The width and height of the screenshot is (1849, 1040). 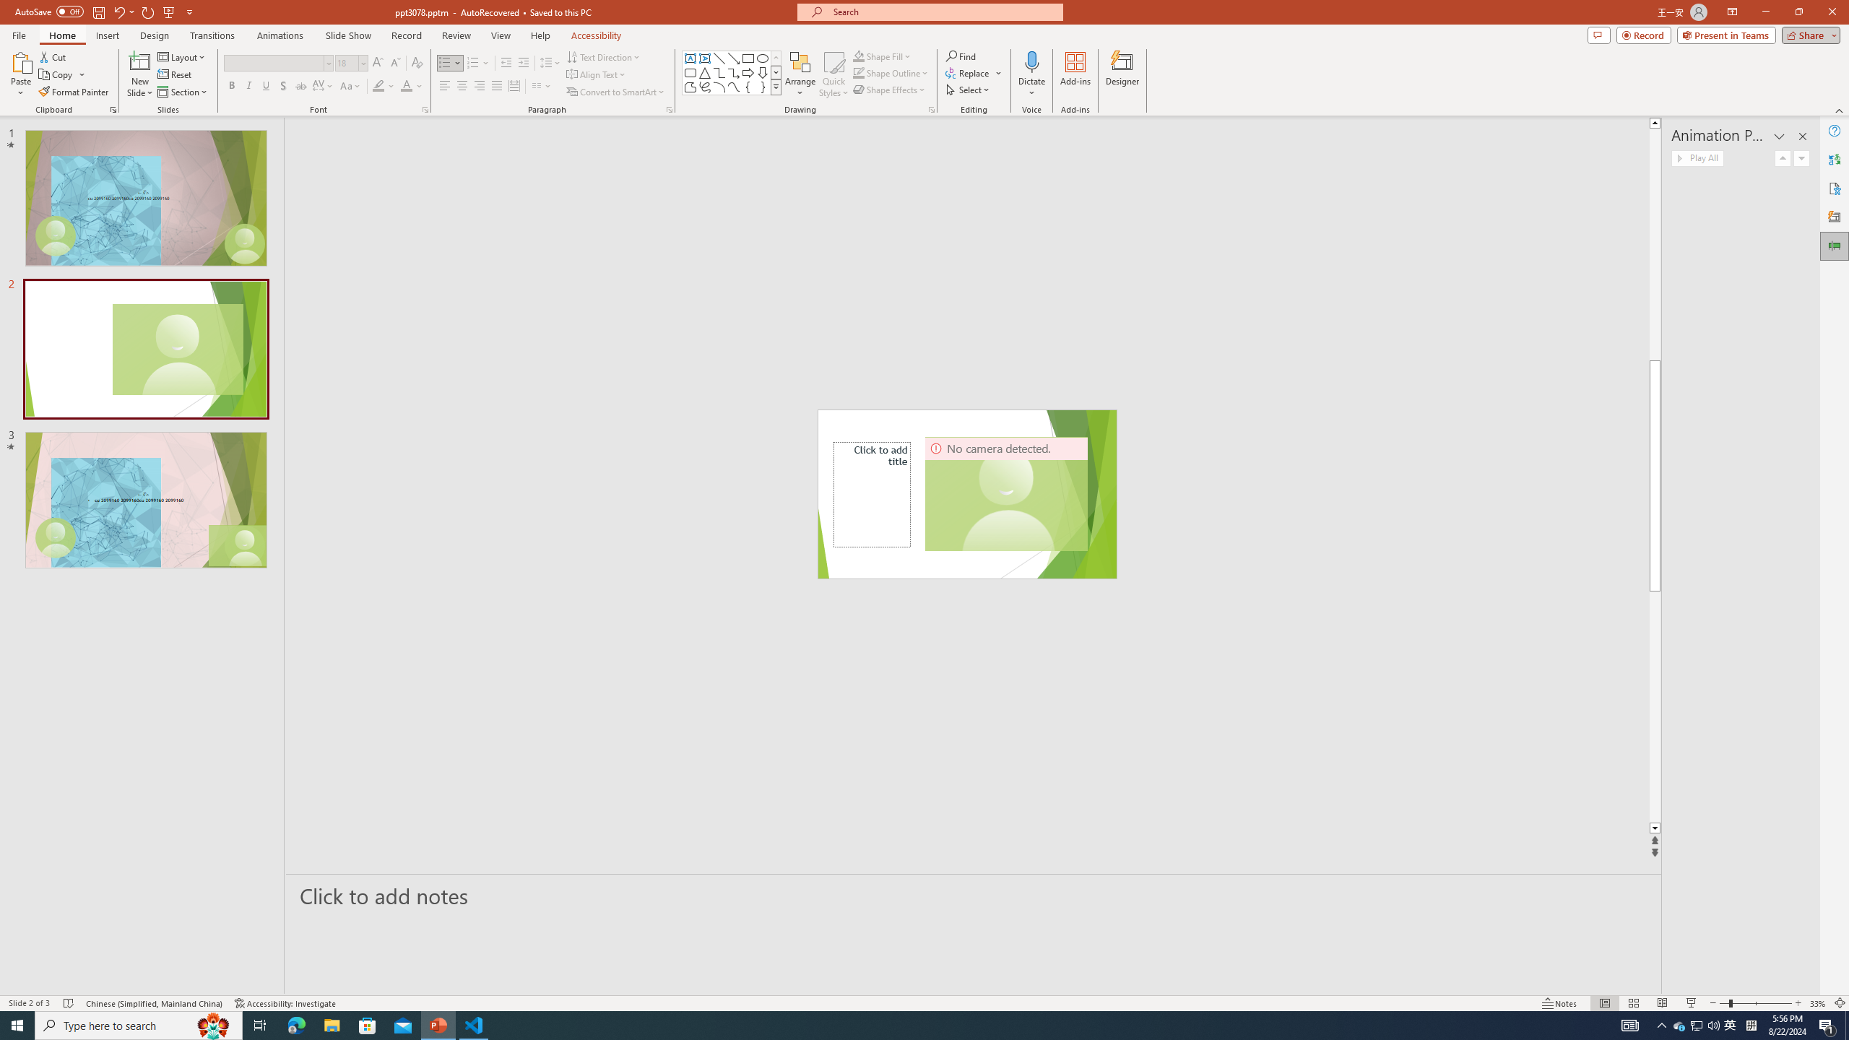 What do you see at coordinates (1006, 493) in the screenshot?
I see `'Camera 3, No camera detected.'` at bounding box center [1006, 493].